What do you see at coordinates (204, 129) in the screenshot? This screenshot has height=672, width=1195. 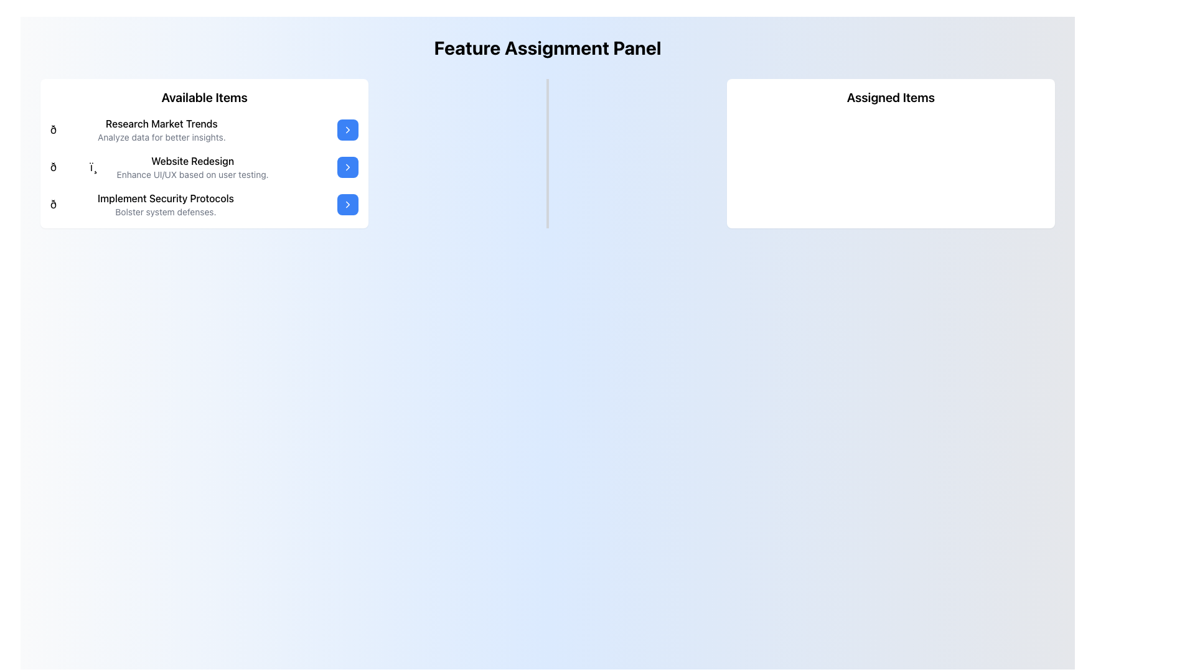 I see `the first list item titled 'Research Market Trends' in the 'Available Items' column` at bounding box center [204, 129].